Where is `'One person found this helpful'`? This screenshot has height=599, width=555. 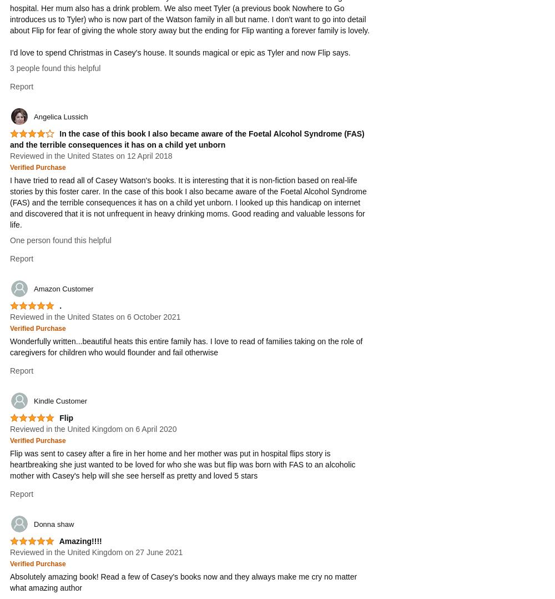
'One person found this helpful' is located at coordinates (10, 240).